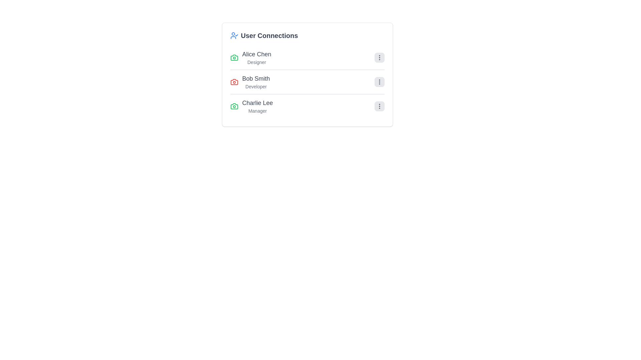  What do you see at coordinates (379, 106) in the screenshot?
I see `the small gray menu trigger icon consisting of three vertically aligned dots, located to the far right of the list item for user 'Charlie Lee'` at bounding box center [379, 106].